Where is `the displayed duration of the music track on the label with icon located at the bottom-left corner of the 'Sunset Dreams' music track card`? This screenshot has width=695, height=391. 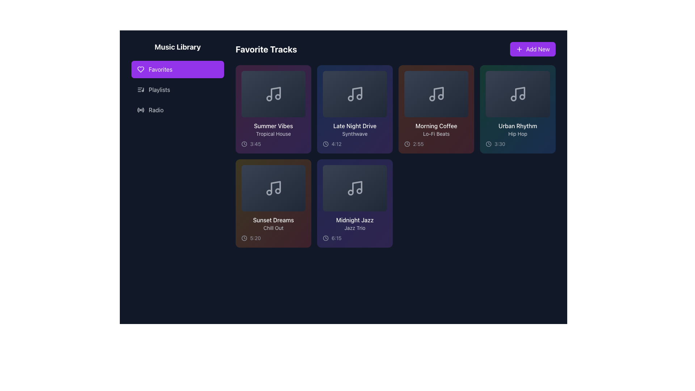
the displayed duration of the music track on the label with icon located at the bottom-left corner of the 'Sunset Dreams' music track card is located at coordinates (273, 238).